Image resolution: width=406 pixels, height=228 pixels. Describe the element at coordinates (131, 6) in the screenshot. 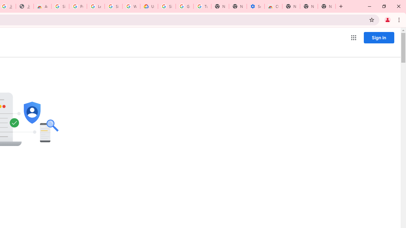

I see `'Who are Google'` at that location.